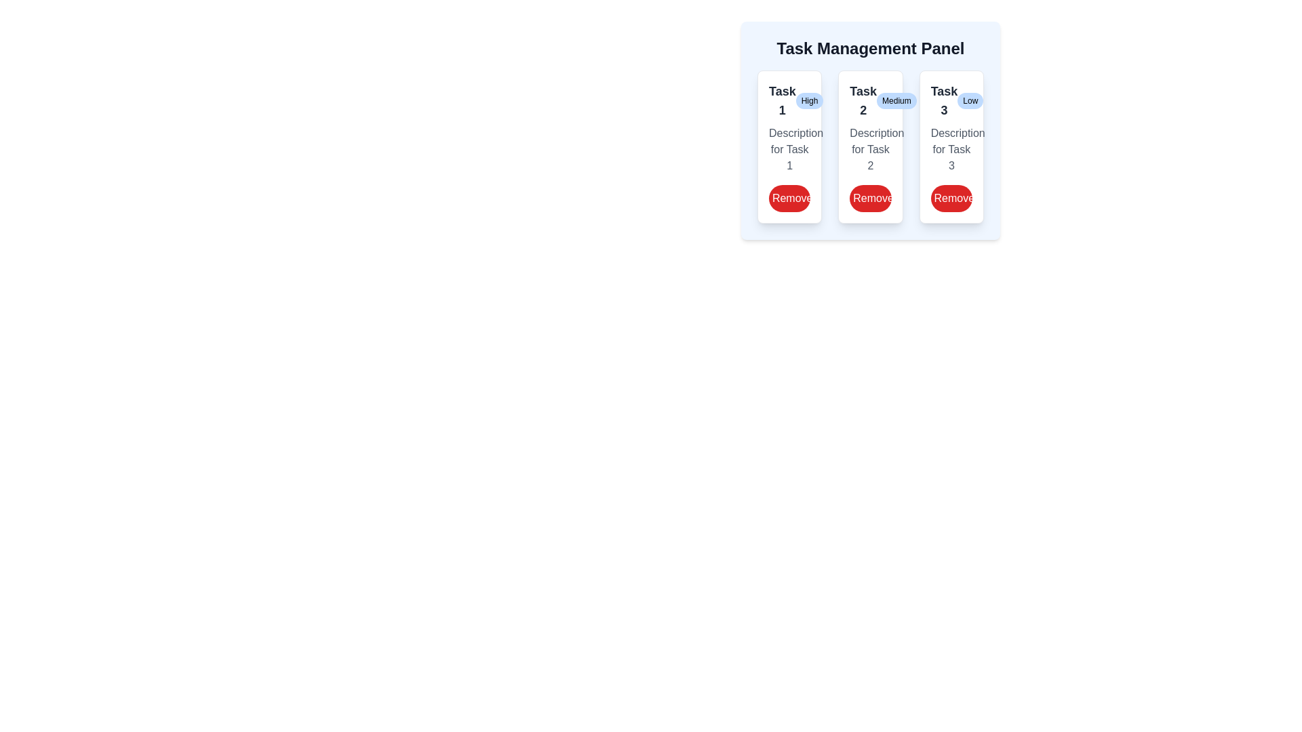 This screenshot has width=1302, height=732. Describe the element at coordinates (951, 199) in the screenshot. I see `'Remove' button for task 3` at that location.